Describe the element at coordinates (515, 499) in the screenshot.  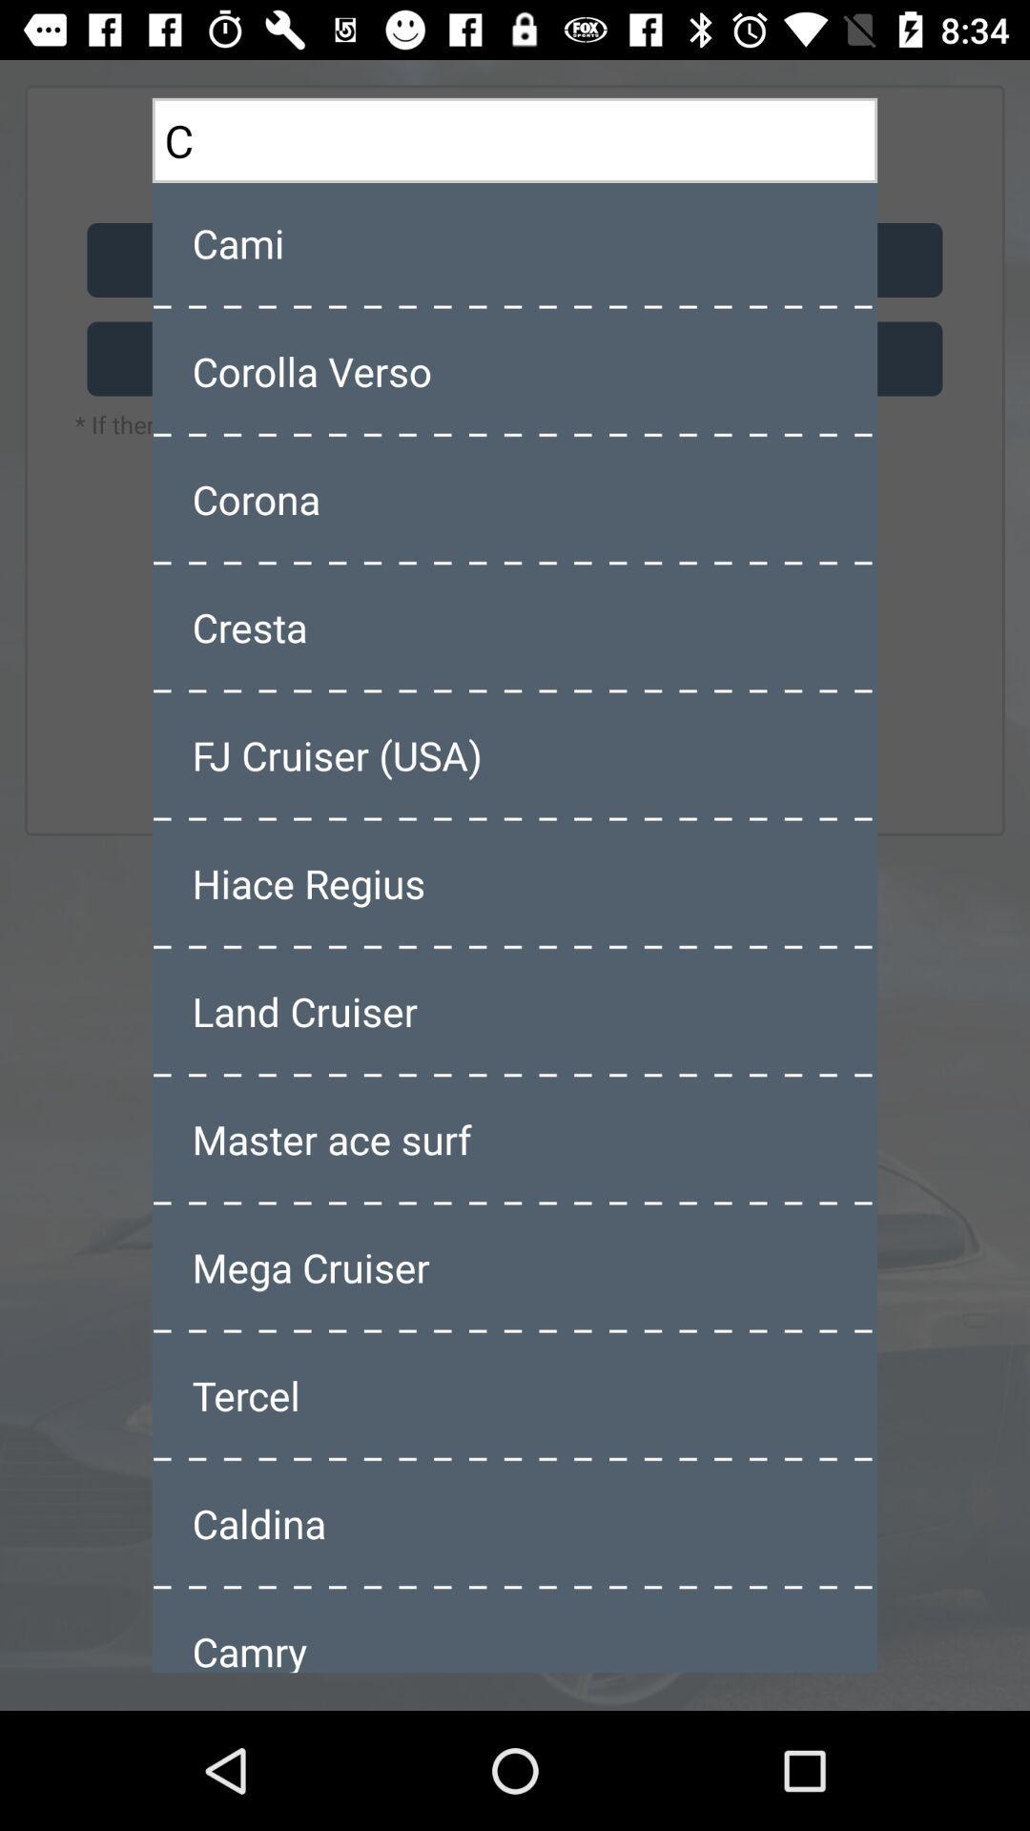
I see `corona item` at that location.